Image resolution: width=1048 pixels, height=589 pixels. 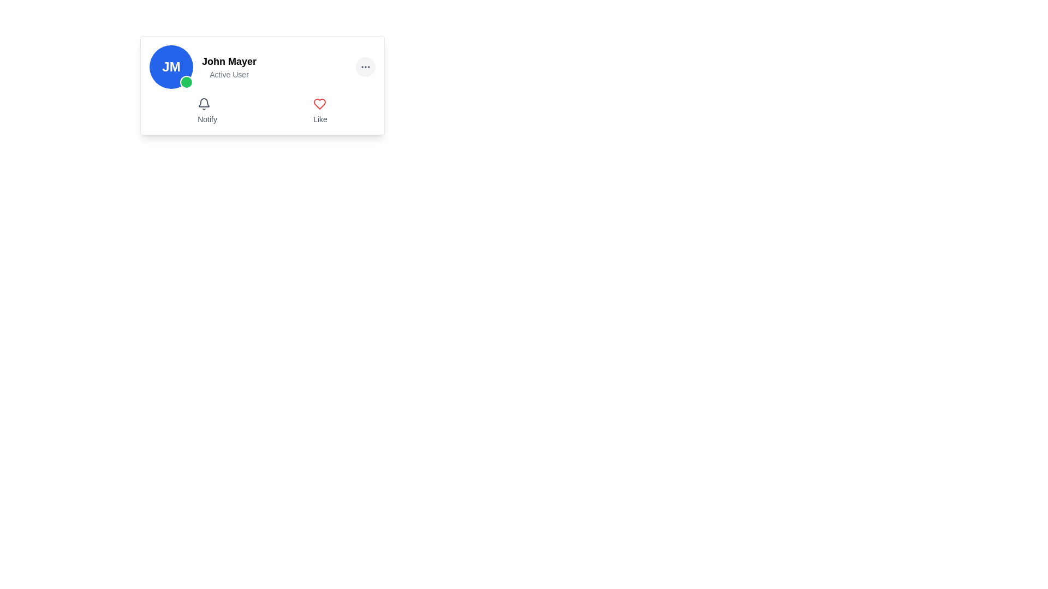 I want to click on the icon button located in the upper-right corner of the user card for 'John Mayer', so click(x=366, y=67).